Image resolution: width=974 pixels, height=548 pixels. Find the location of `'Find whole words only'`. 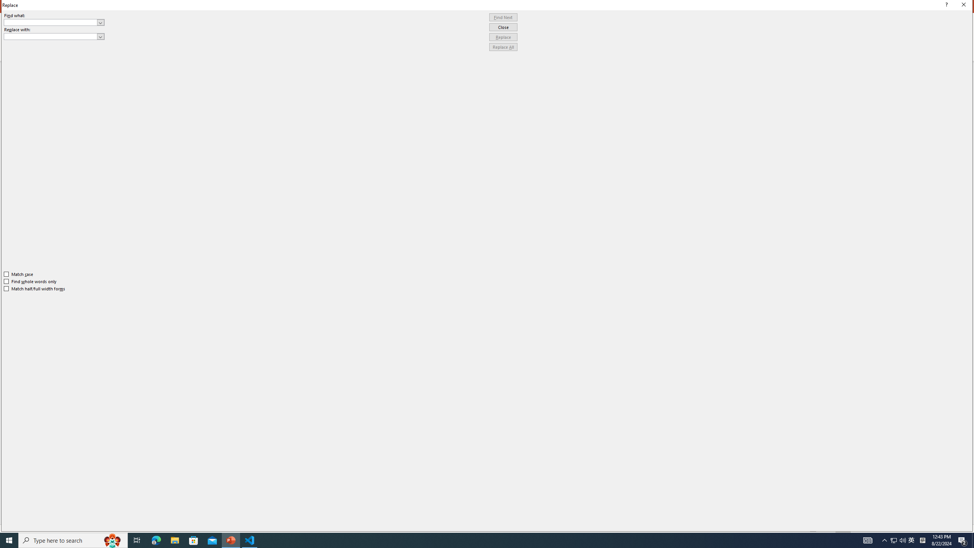

'Find whole words only' is located at coordinates (30, 281).